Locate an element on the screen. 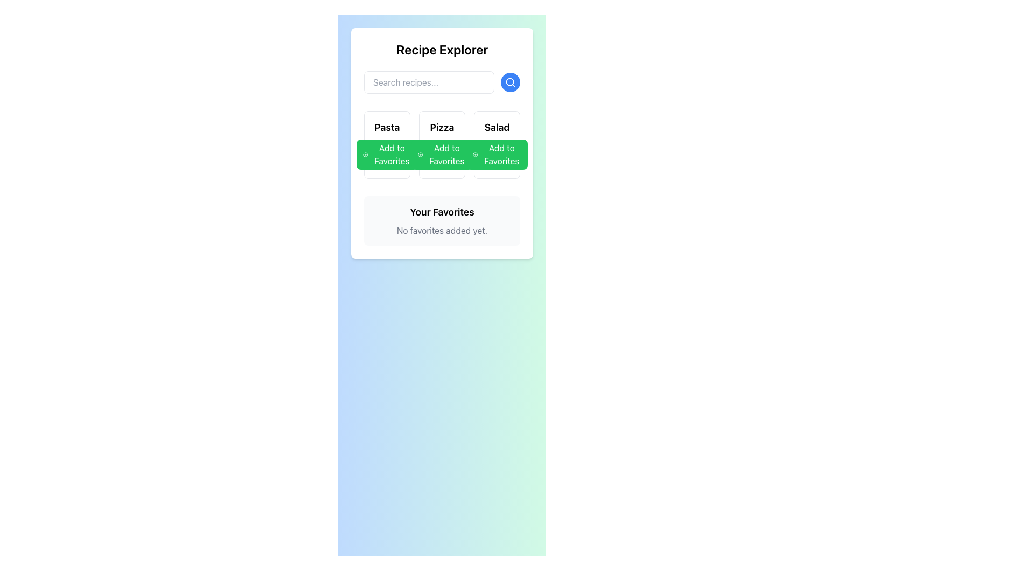 This screenshot has width=1034, height=582. the 'Your Favorites' display section which indicates the user's current list of favorite recipes is located at coordinates (442, 220).